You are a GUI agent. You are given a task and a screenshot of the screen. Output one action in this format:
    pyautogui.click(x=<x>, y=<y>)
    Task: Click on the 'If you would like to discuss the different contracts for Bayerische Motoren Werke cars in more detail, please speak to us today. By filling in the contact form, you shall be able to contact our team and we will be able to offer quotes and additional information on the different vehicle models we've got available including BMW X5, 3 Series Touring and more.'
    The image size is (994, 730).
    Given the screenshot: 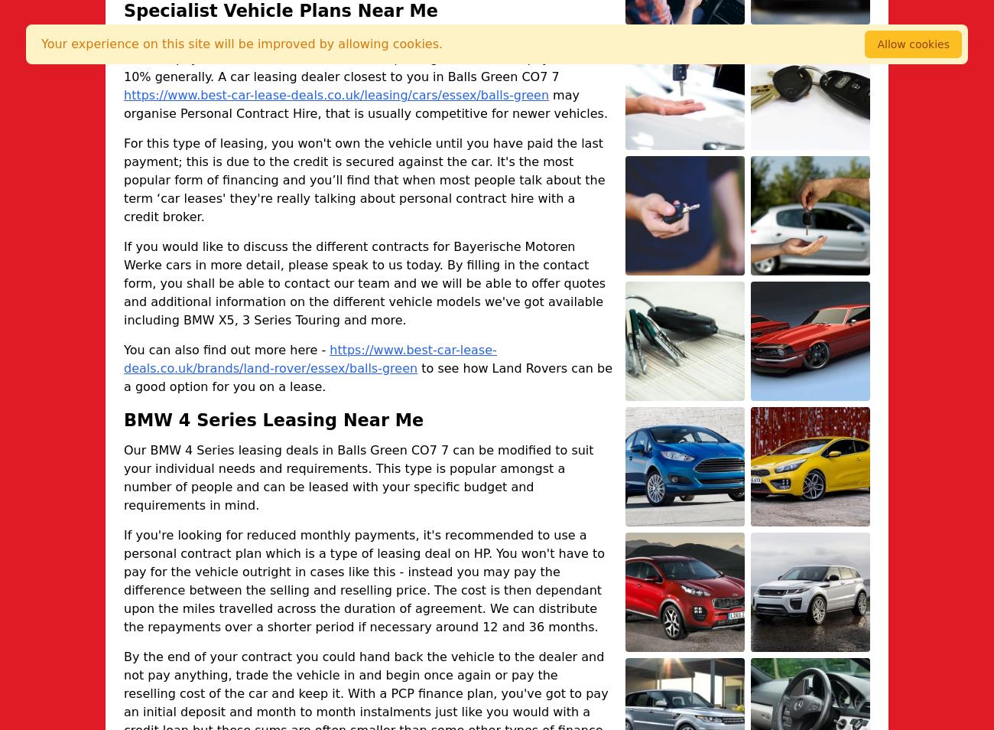 What is the action you would take?
    pyautogui.click(x=363, y=283)
    